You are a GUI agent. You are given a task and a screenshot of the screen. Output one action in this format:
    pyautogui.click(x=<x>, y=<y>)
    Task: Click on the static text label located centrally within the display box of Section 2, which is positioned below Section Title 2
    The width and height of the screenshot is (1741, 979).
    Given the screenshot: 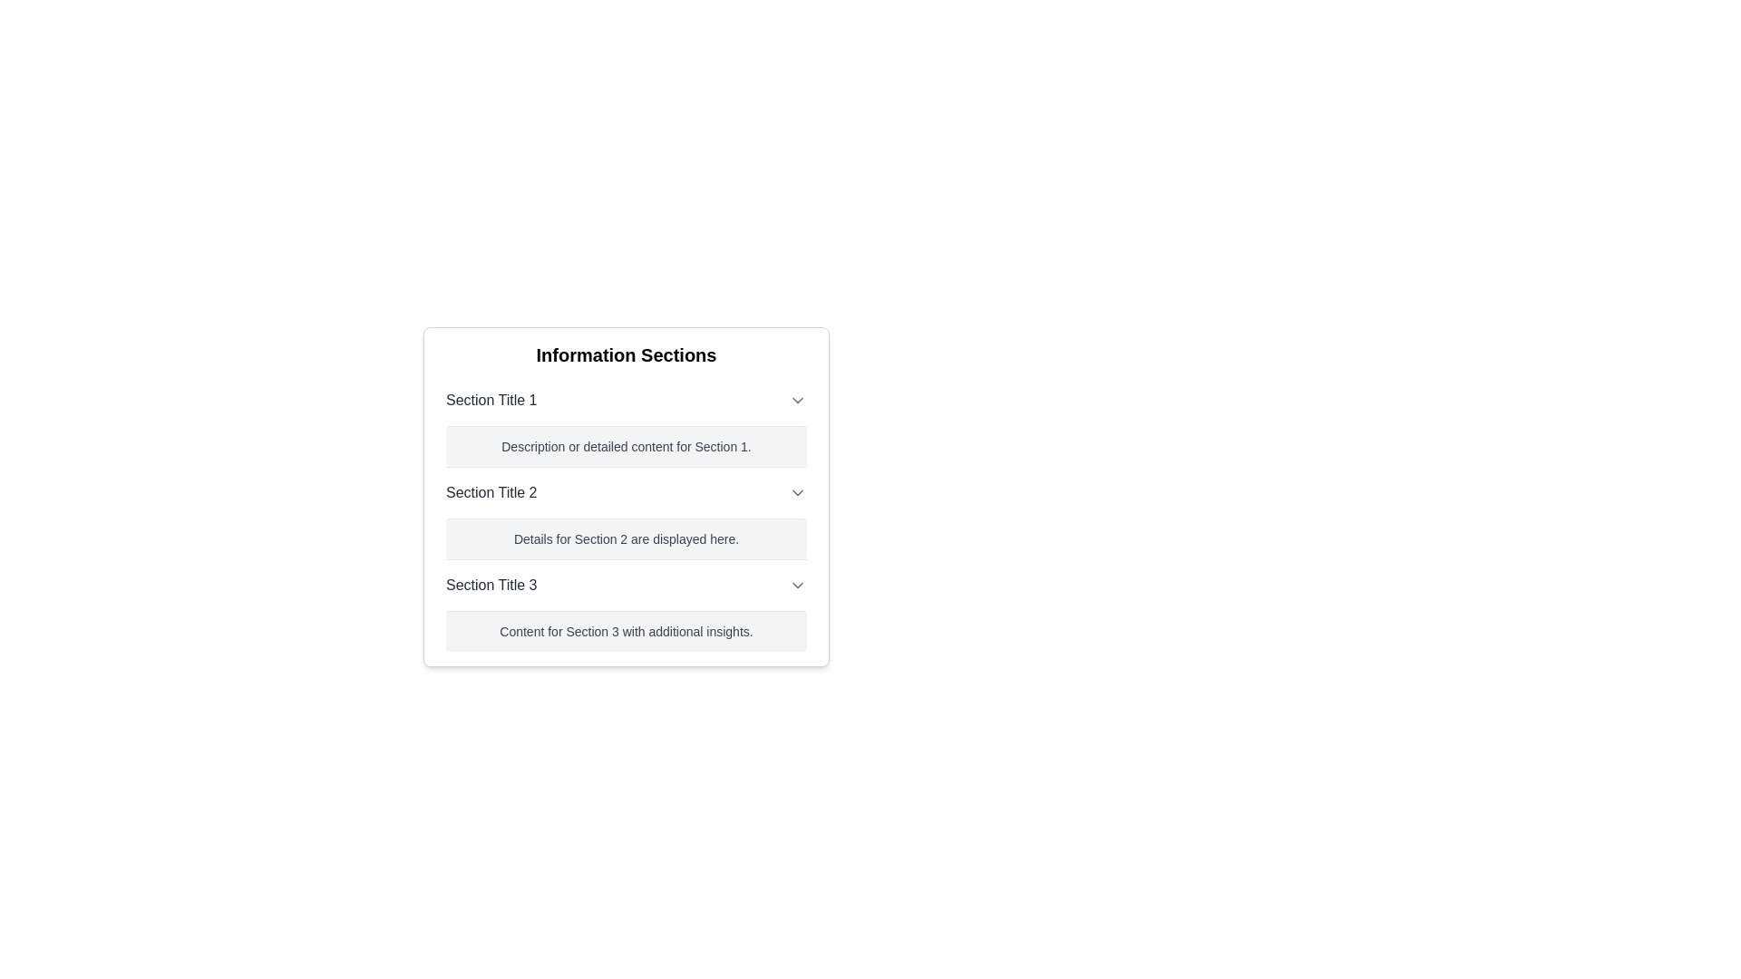 What is the action you would take?
    pyautogui.click(x=627, y=538)
    